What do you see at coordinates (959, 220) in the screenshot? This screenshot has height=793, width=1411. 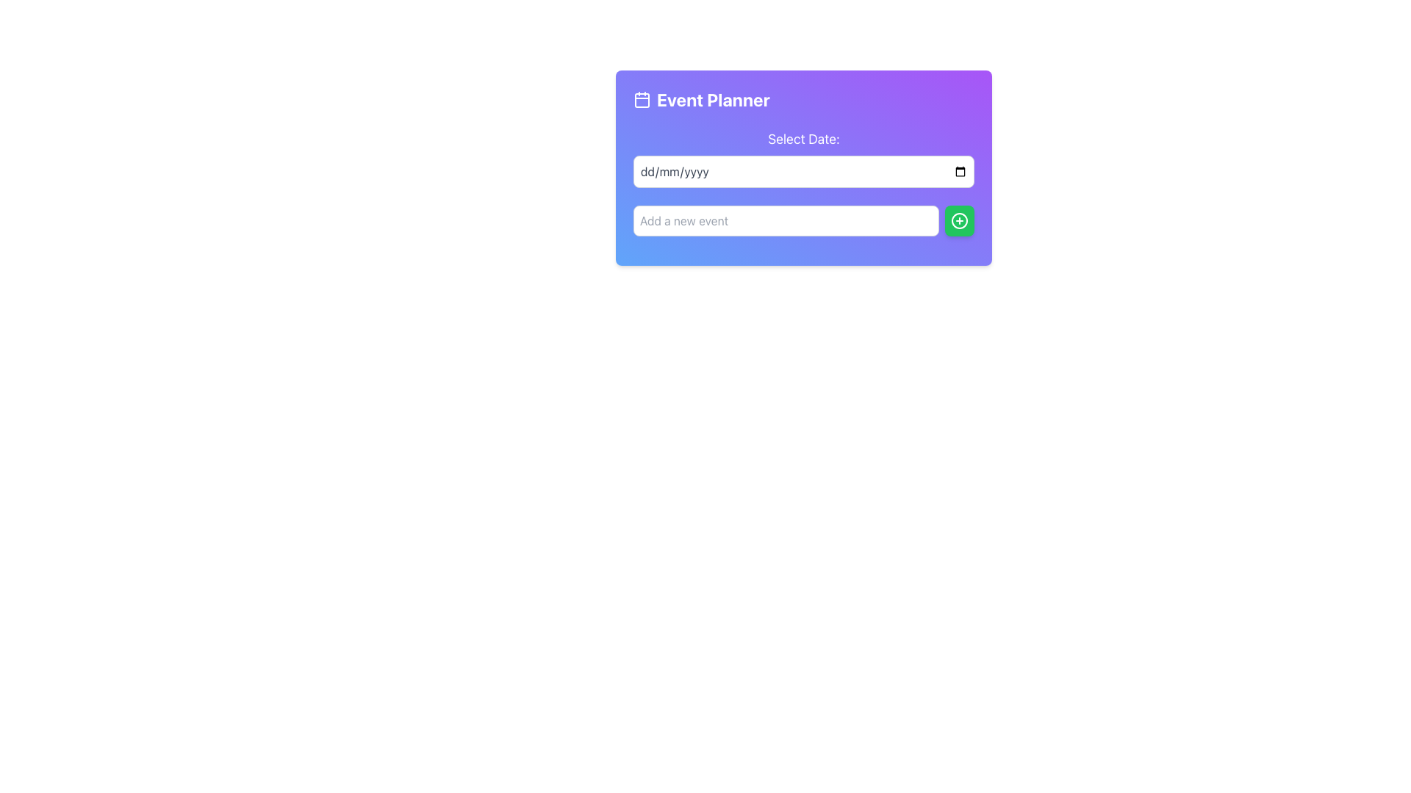 I see `the green button with rounded corners and a plus sign icon, located immediately to the right of the 'Add a new event' text input field under the 'Event Planner' section` at bounding box center [959, 220].